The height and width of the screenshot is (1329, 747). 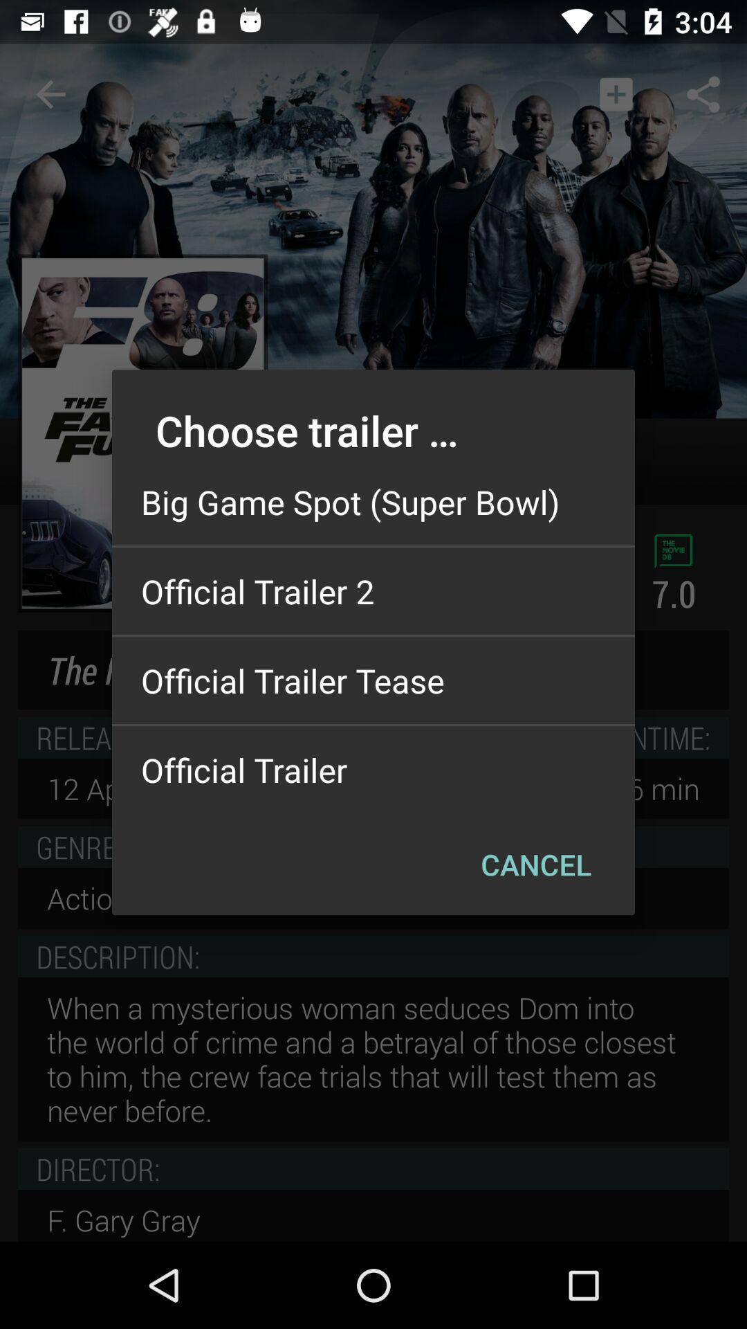 I want to click on the item on the right, so click(x=535, y=863).